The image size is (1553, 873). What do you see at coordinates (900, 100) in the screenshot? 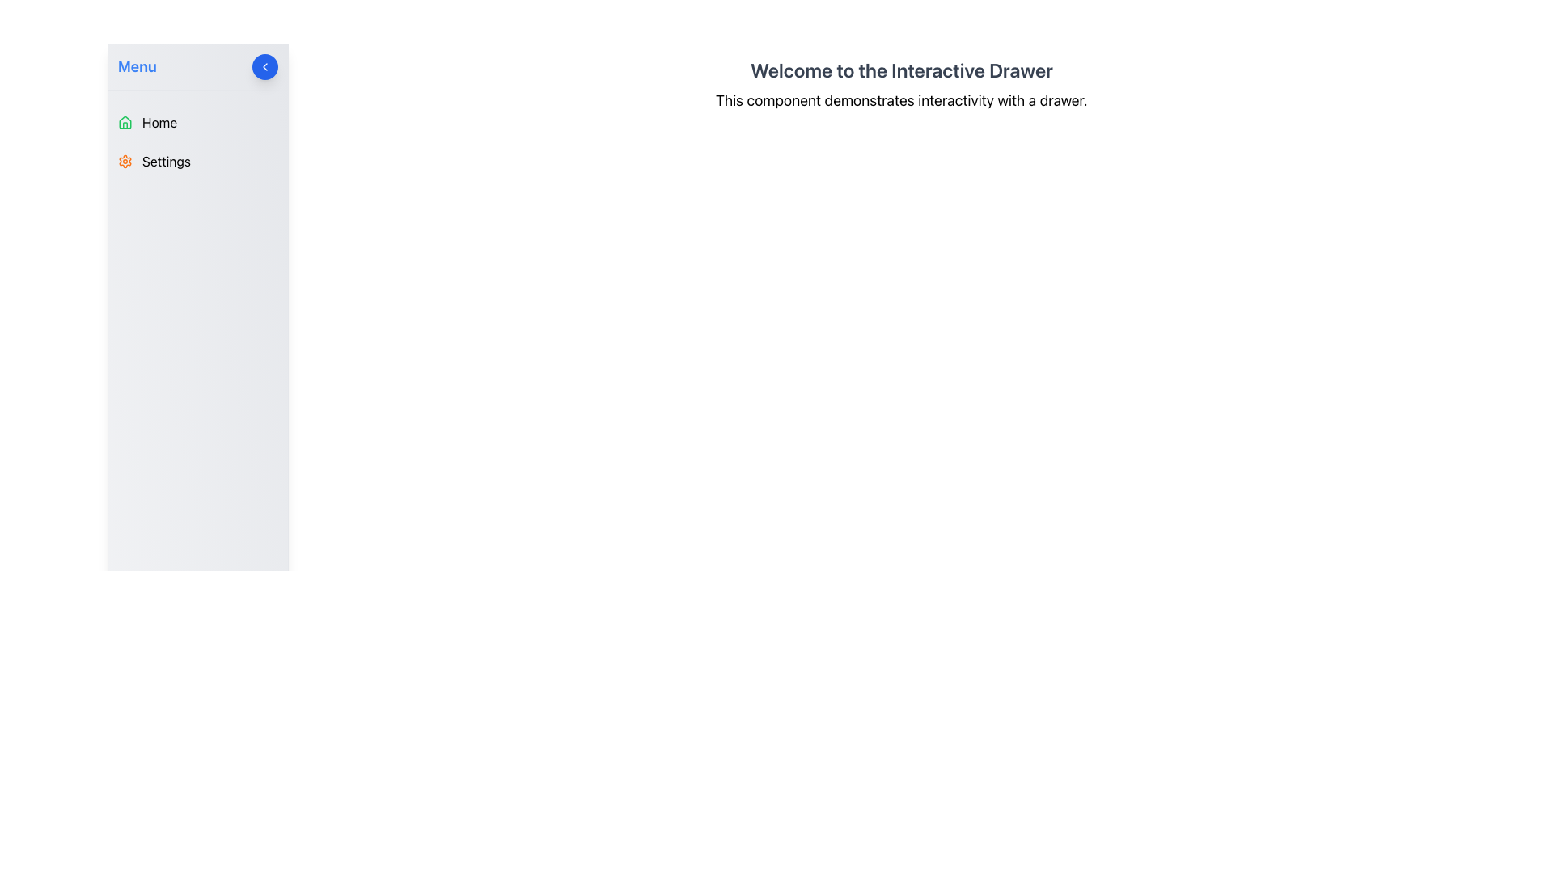
I see `text label displaying 'This component demonstrates interactivity with a drawer.' which is located below the title 'Welcome to the Interactive Drawer.'` at bounding box center [900, 100].